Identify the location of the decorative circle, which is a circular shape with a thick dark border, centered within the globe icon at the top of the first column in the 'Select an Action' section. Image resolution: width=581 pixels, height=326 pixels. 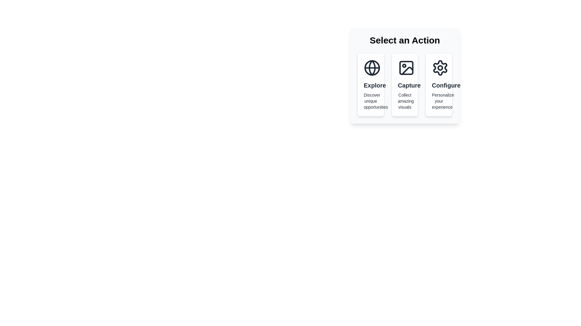
(372, 68).